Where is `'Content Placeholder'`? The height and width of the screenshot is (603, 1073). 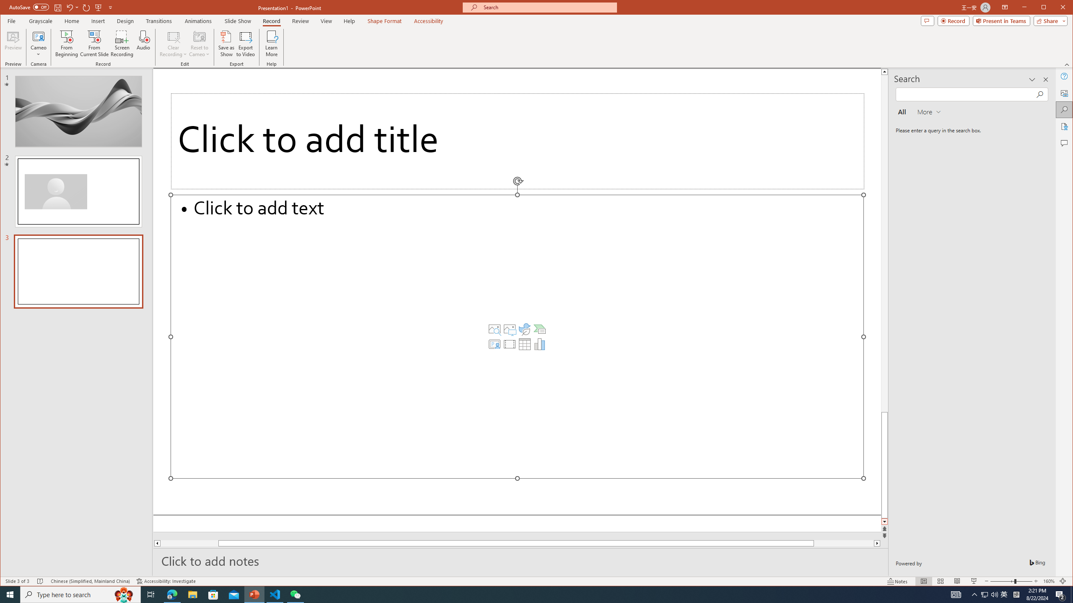
'Content Placeholder' is located at coordinates (516, 337).